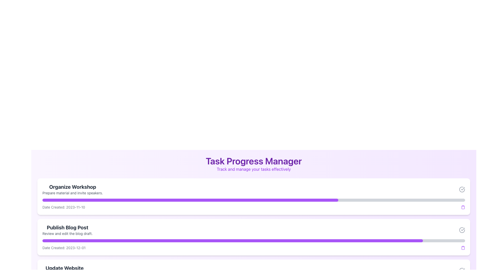 The height and width of the screenshot is (274, 488). Describe the element at coordinates (254, 169) in the screenshot. I see `the Text Label that contains the text 'Track and manage your tasks effectively', which is styled with purple color and smaller font size, located directly below the header 'Task Progress Manager'` at that location.